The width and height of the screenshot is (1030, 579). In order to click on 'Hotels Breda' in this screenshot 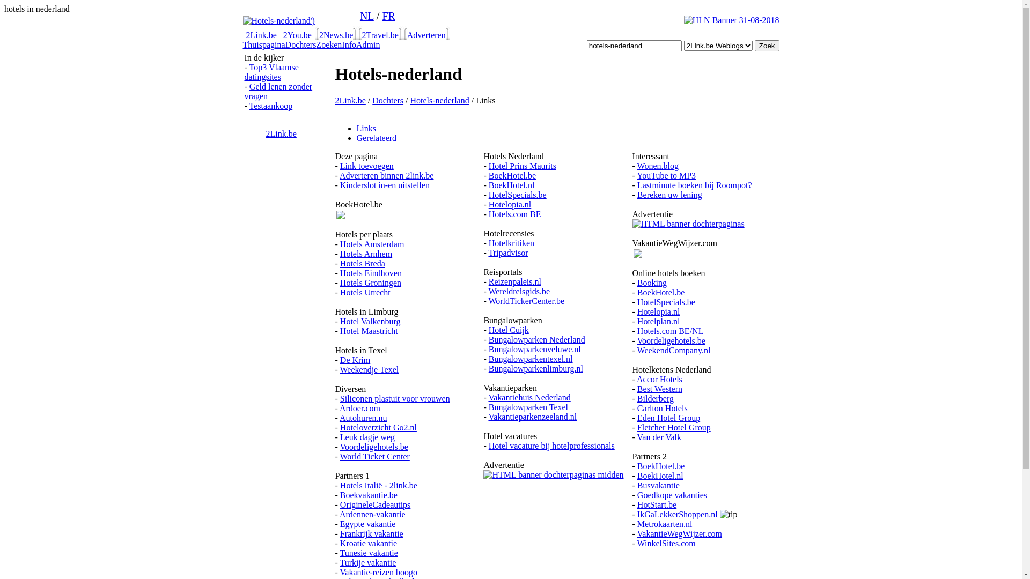, I will do `click(363, 263)`.